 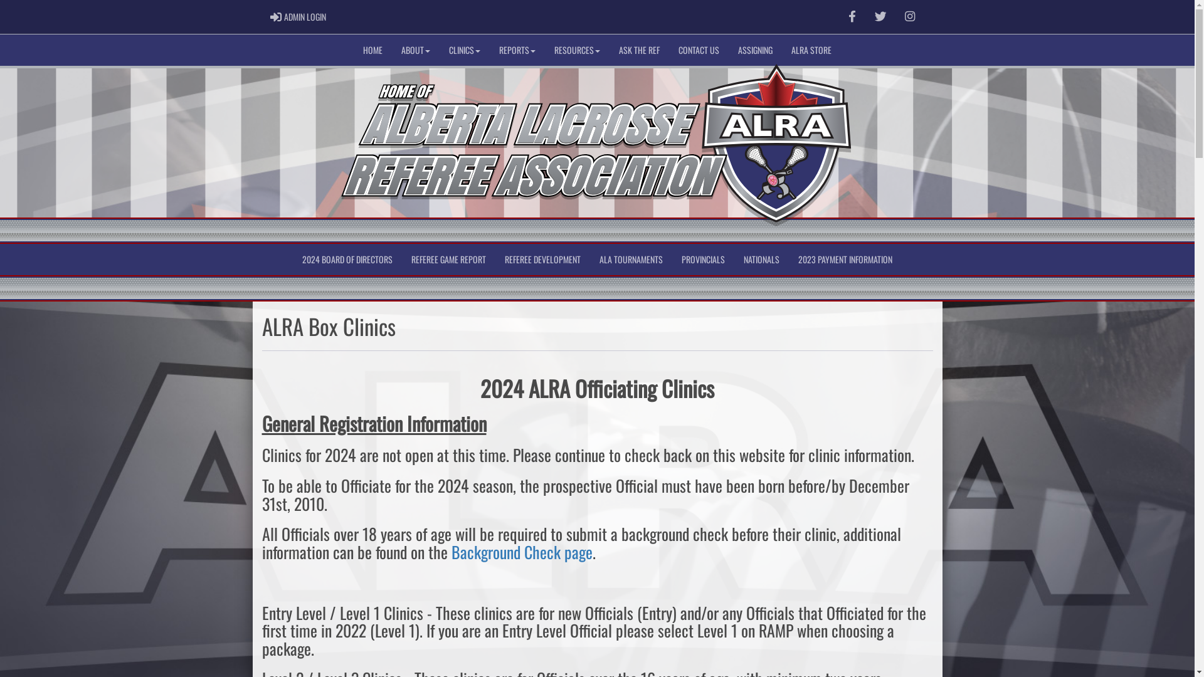 I want to click on 'ASK THE REF', so click(x=639, y=50).